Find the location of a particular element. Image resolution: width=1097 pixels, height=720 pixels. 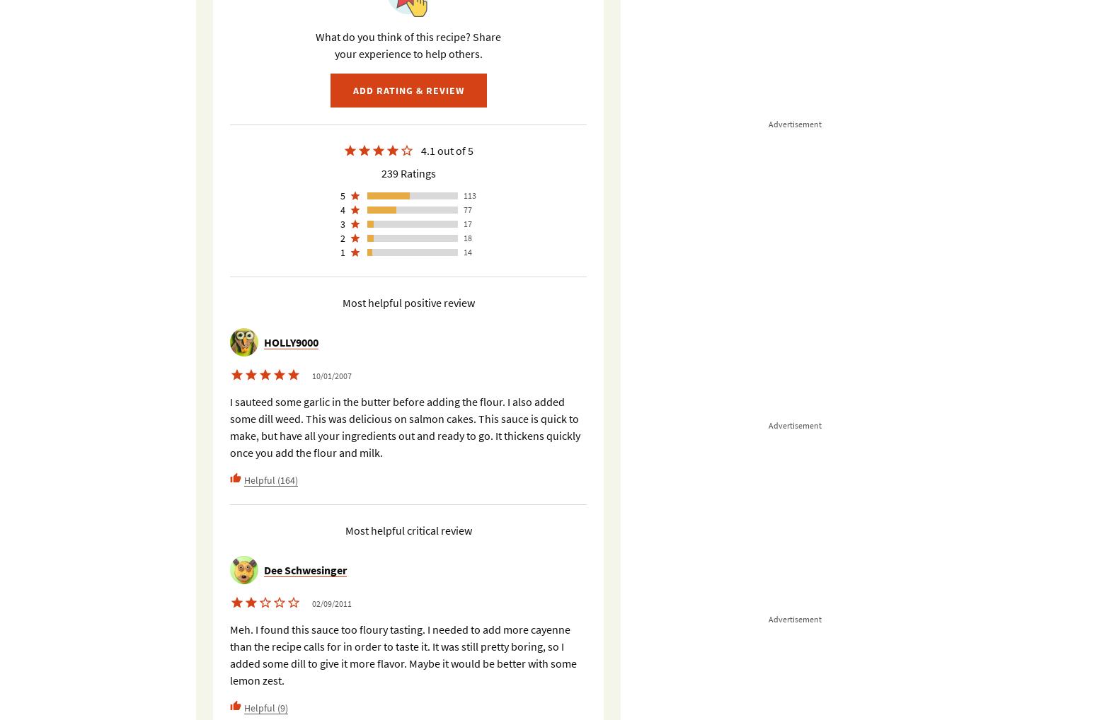

'I sauteed some garlic in the butter before adding the flour.  I also added some dill weed.  This was delicious on salmon cakes.  

This sauce is quick to make, but have all your ingredients out and ready to go.  It thickens quickly once you add the flour and milk.' is located at coordinates (405, 426).